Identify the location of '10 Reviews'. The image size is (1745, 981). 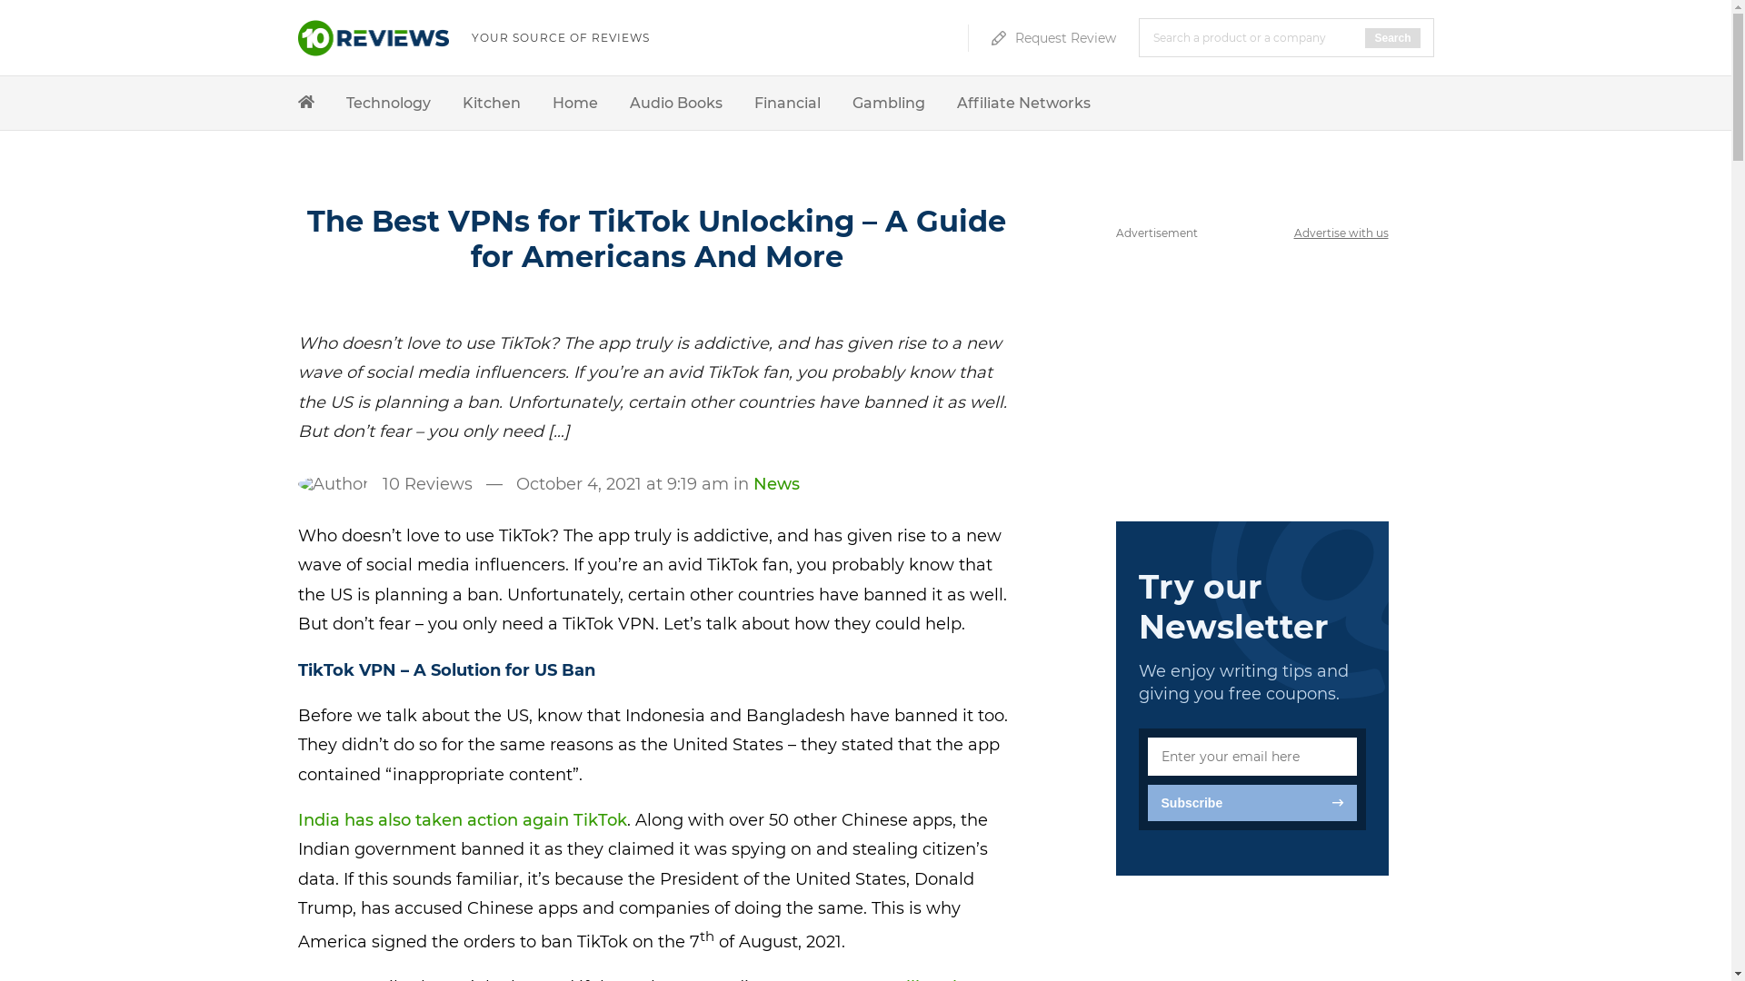
(425, 482).